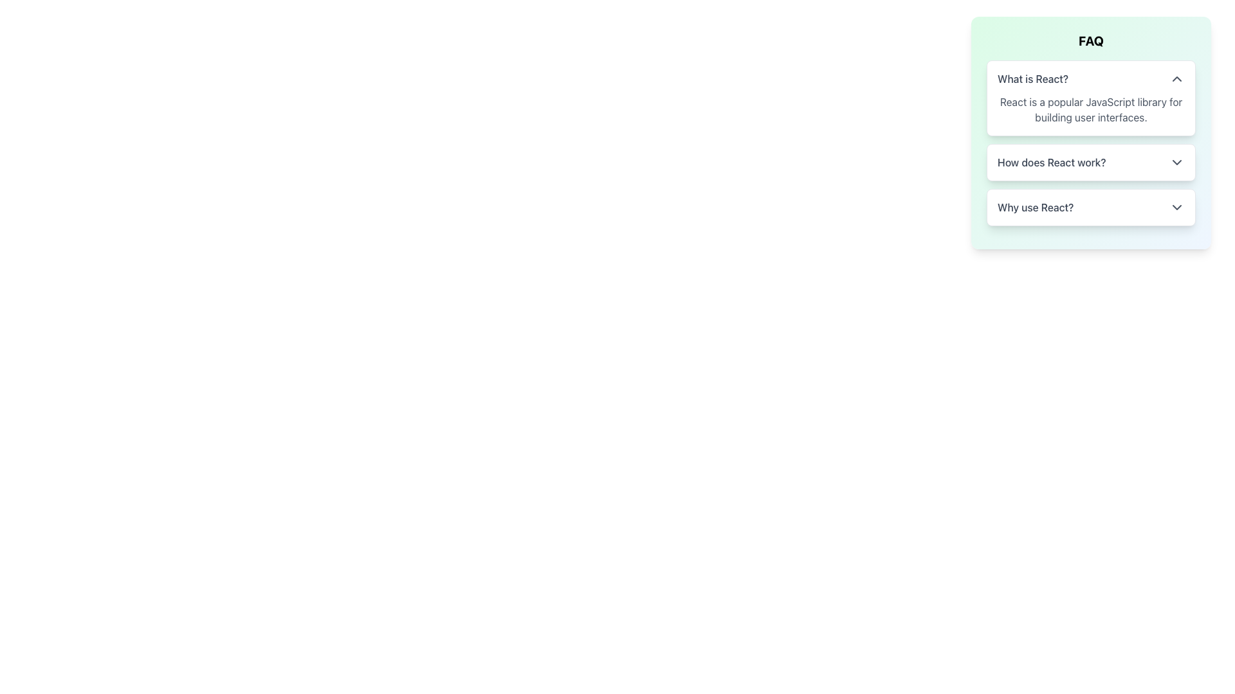 This screenshot has height=694, width=1235. What do you see at coordinates (1176, 207) in the screenshot?
I see `the gray downward pointing chevron icon located at the far right of the 'Why use React?' question text` at bounding box center [1176, 207].